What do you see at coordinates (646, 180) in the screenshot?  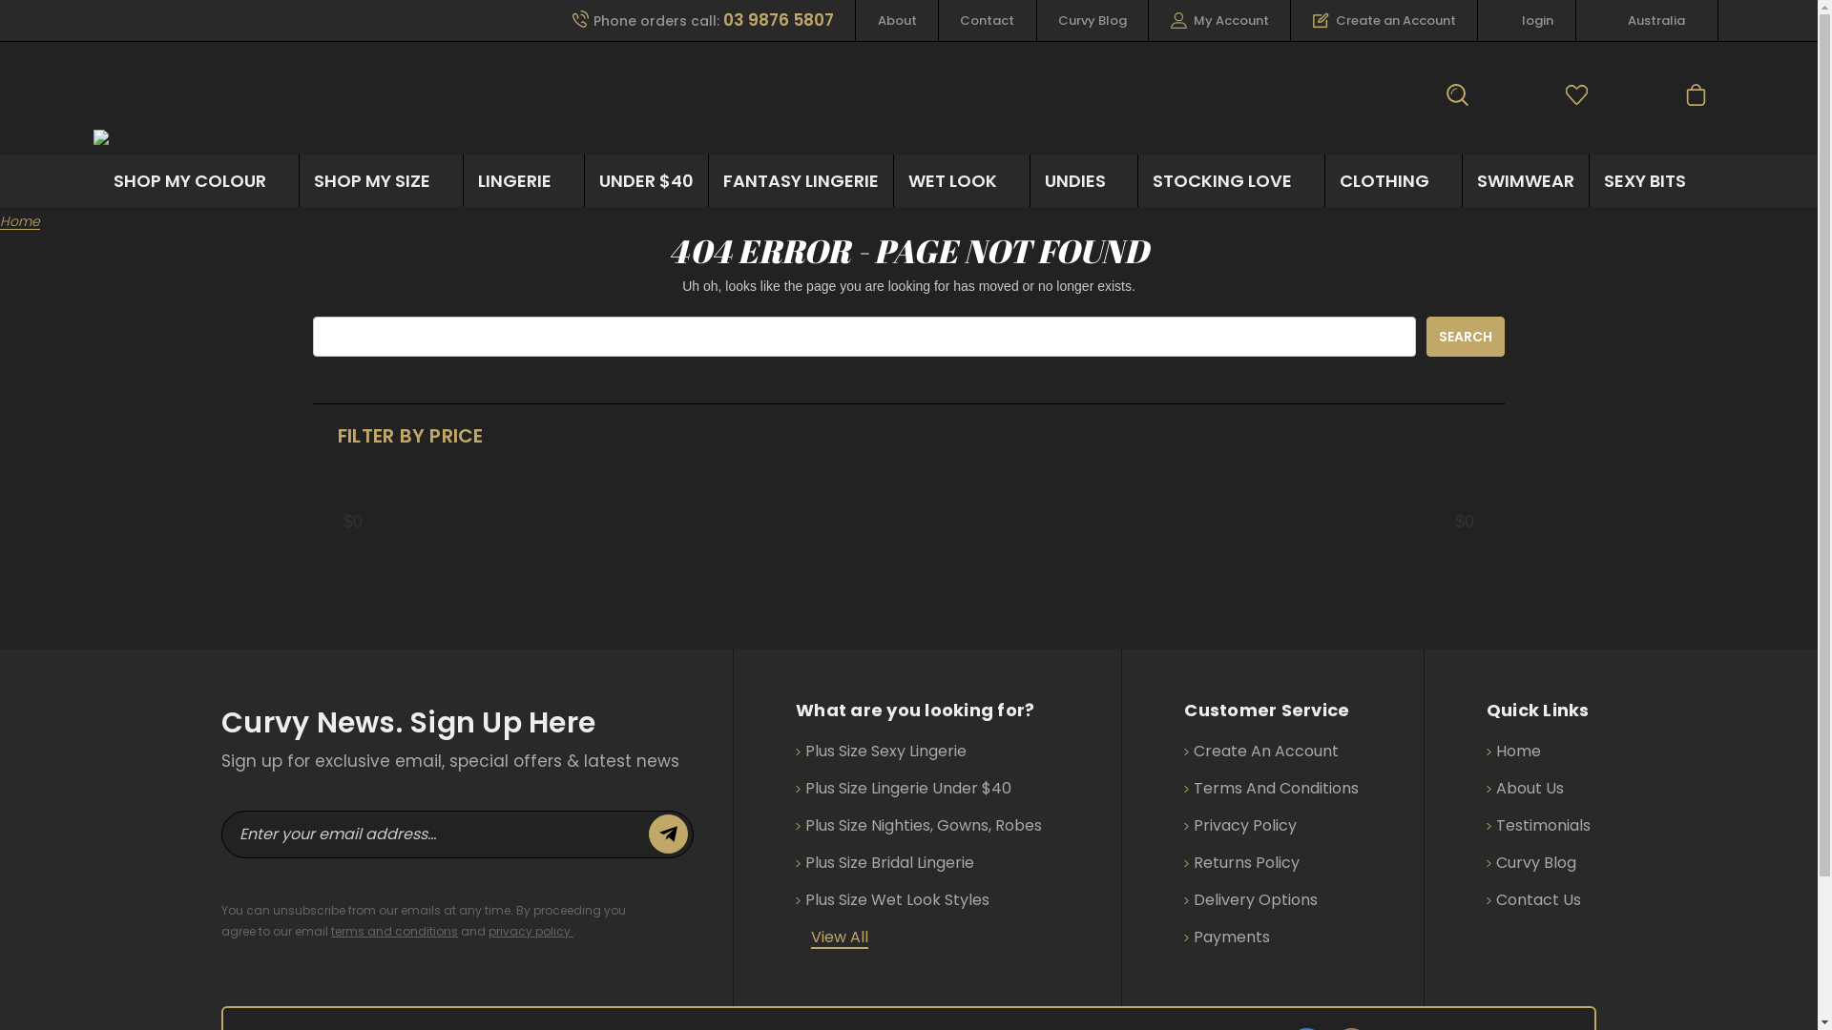 I see `'UNDER $40'` at bounding box center [646, 180].